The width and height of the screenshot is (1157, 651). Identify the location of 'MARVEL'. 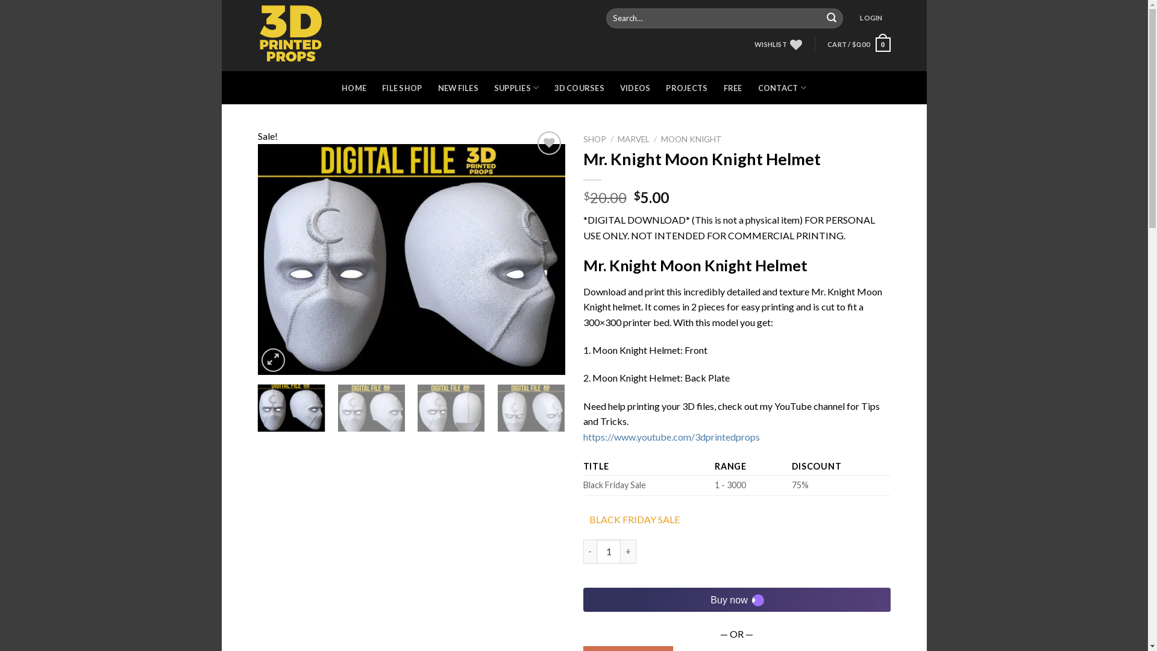
(633, 139).